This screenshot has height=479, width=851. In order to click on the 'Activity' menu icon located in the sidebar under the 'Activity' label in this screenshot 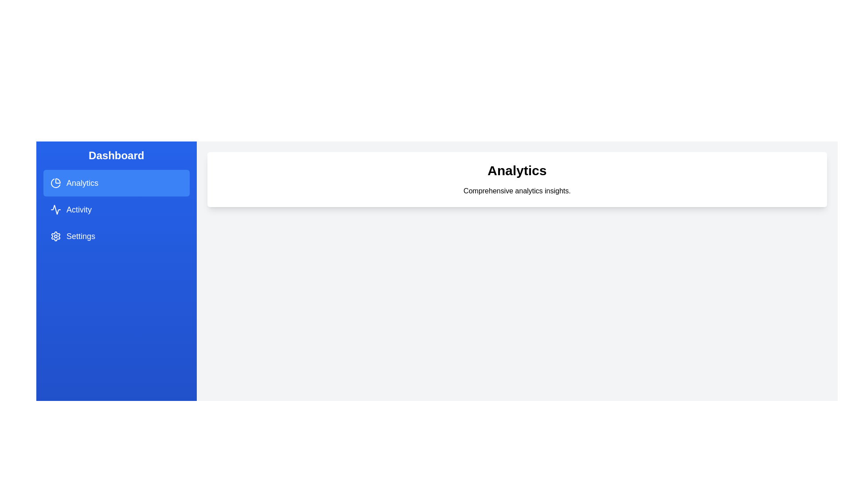, I will do `click(55, 210)`.